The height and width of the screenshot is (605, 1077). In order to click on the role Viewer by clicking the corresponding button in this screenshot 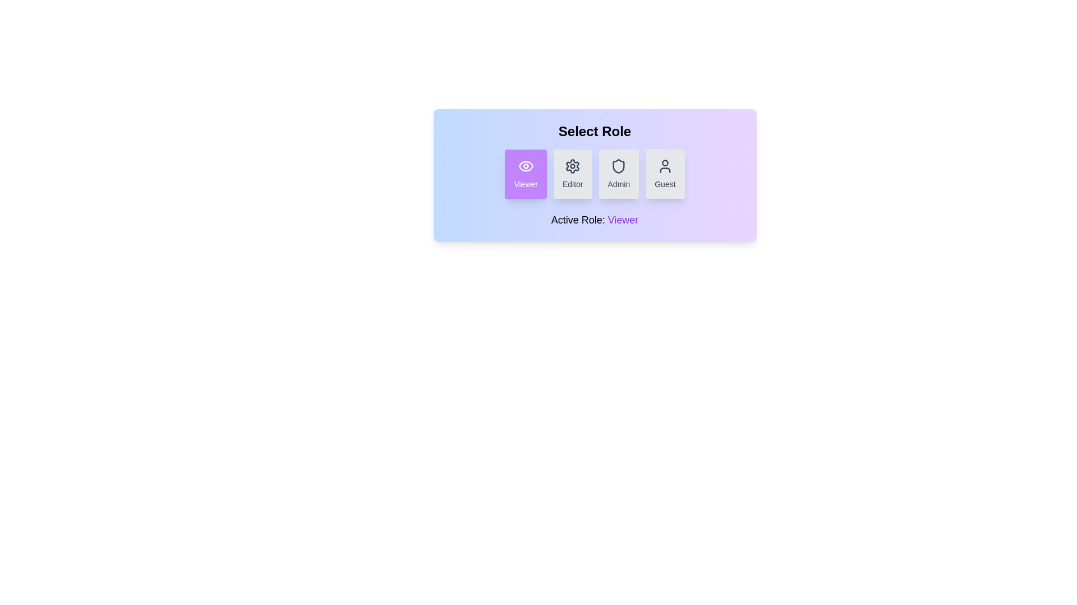, I will do `click(525, 174)`.